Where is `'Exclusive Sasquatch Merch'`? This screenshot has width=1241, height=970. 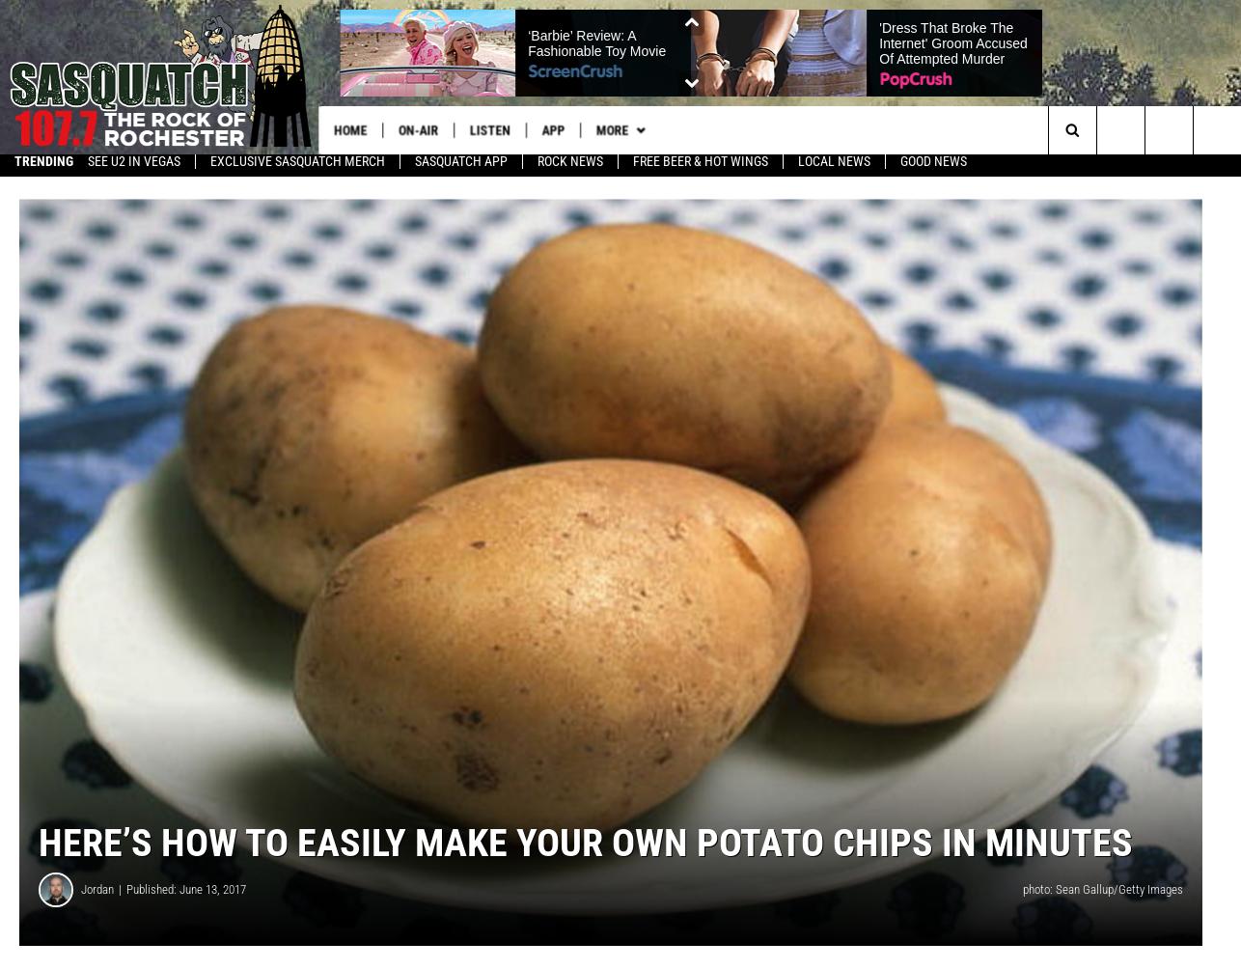
'Exclusive Sasquatch Merch' is located at coordinates (297, 168).